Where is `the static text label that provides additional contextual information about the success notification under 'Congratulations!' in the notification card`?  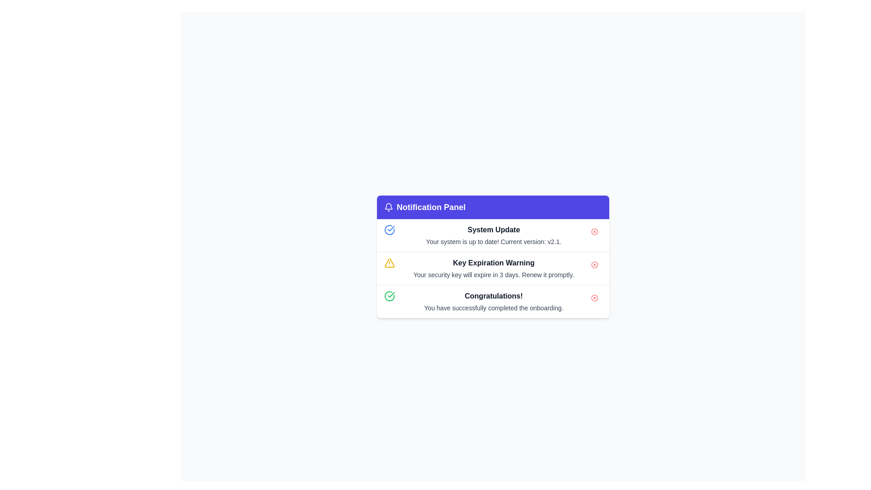 the static text label that provides additional contextual information about the success notification under 'Congratulations!' in the notification card is located at coordinates (493, 307).